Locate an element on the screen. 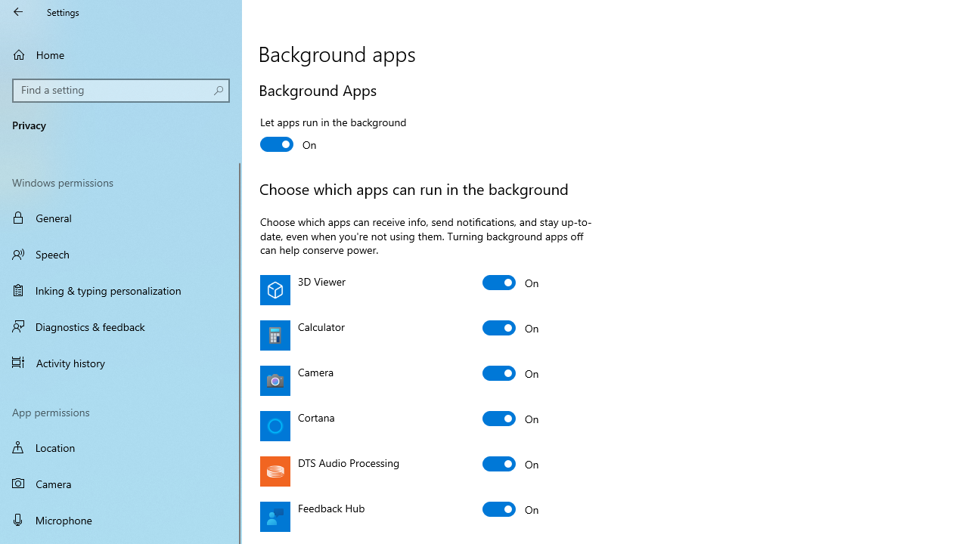 The height and width of the screenshot is (544, 968). 'Let apps run in the background' is located at coordinates (332, 134).